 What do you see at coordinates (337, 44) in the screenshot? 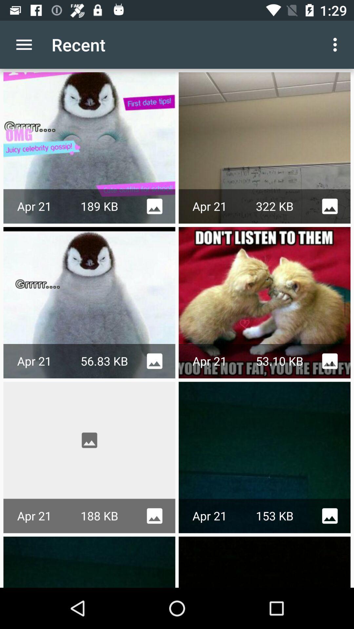
I see `app next to the recent icon` at bounding box center [337, 44].